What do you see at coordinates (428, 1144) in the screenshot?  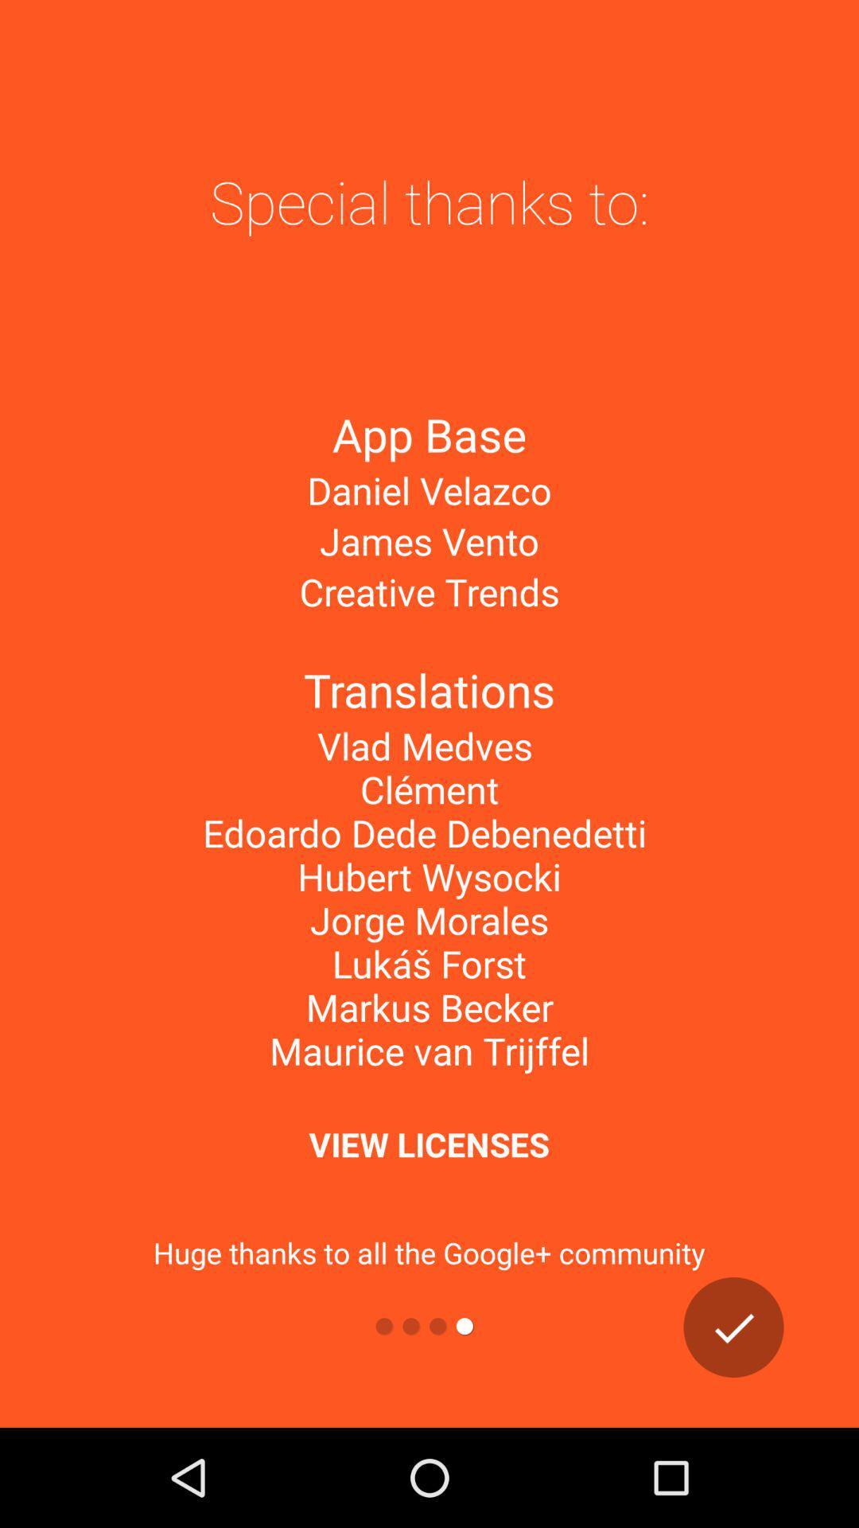 I see `the item above the huge thanks to icon` at bounding box center [428, 1144].